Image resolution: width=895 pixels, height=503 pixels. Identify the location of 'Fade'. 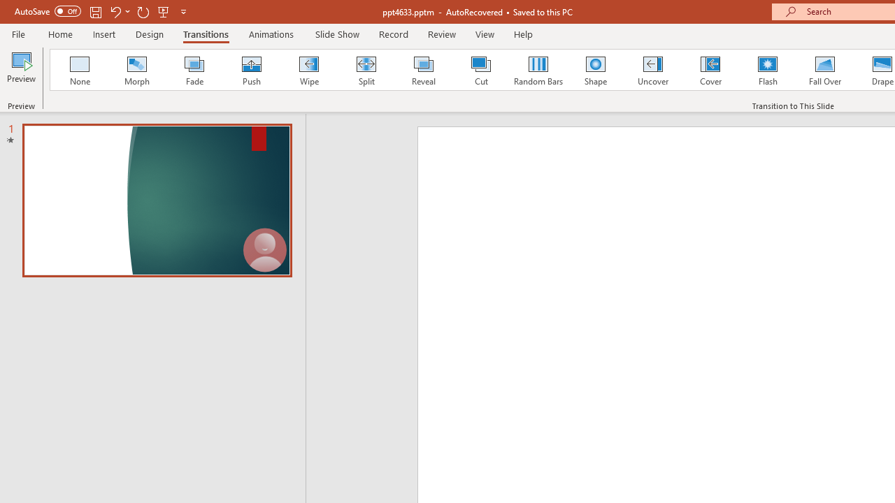
(193, 70).